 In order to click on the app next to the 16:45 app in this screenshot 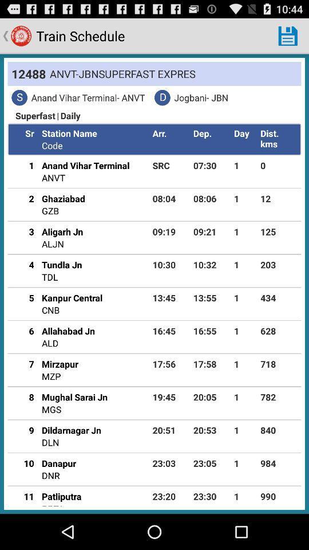, I will do `click(68, 331)`.